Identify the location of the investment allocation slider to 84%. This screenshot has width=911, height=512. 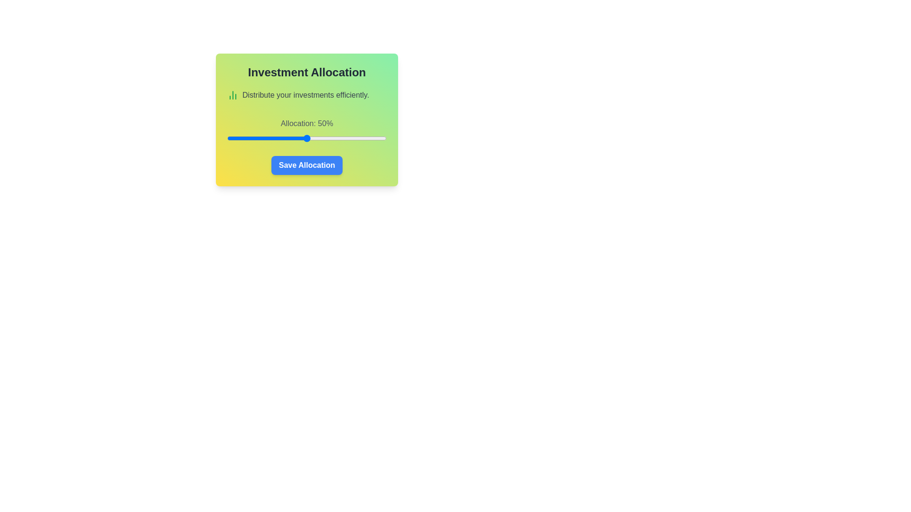
(361, 138).